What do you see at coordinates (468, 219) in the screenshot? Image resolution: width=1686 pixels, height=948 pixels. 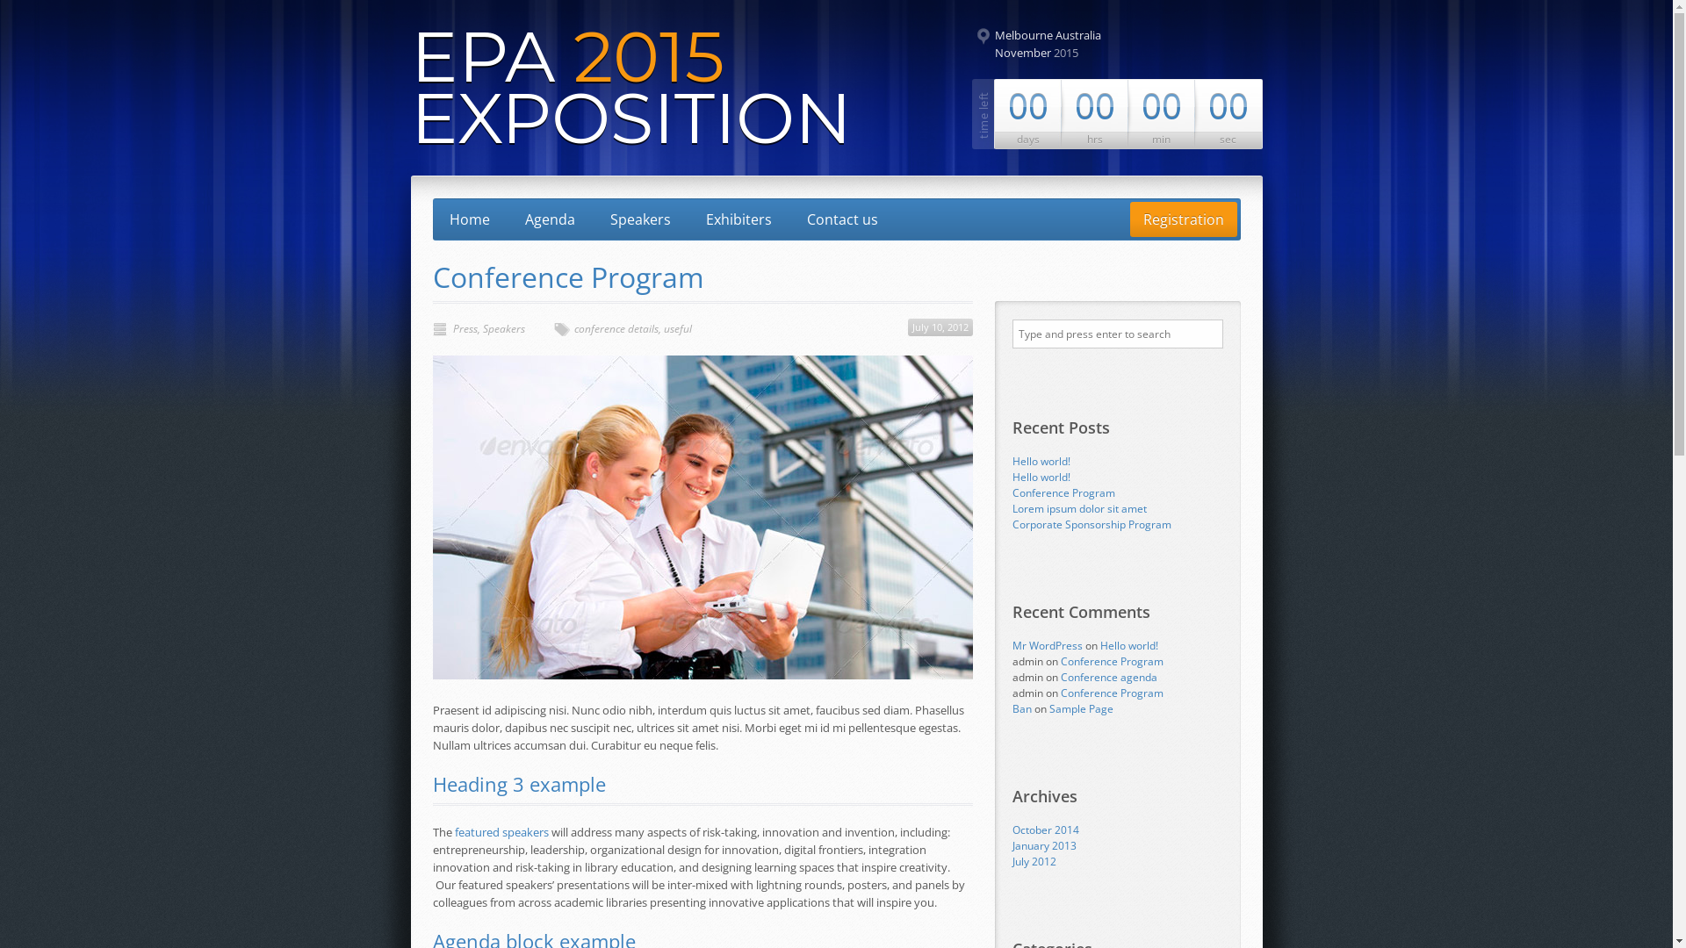 I see `'Home'` at bounding box center [468, 219].